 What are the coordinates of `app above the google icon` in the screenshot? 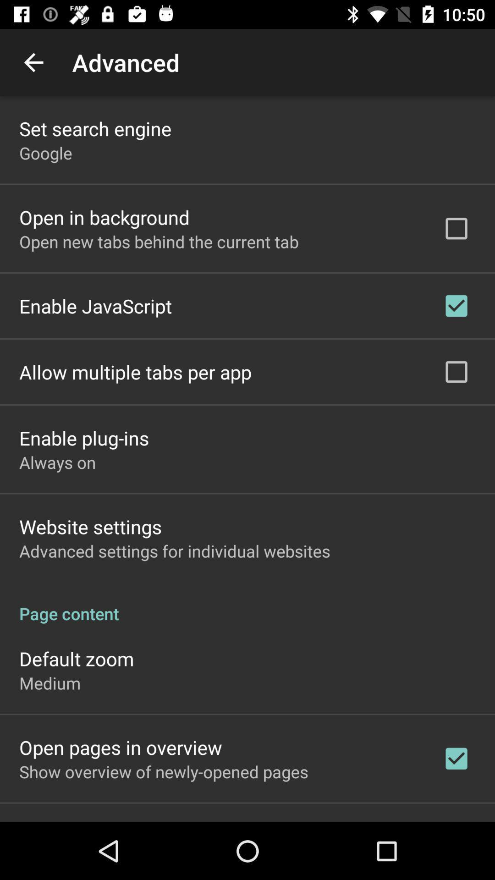 It's located at (95, 128).